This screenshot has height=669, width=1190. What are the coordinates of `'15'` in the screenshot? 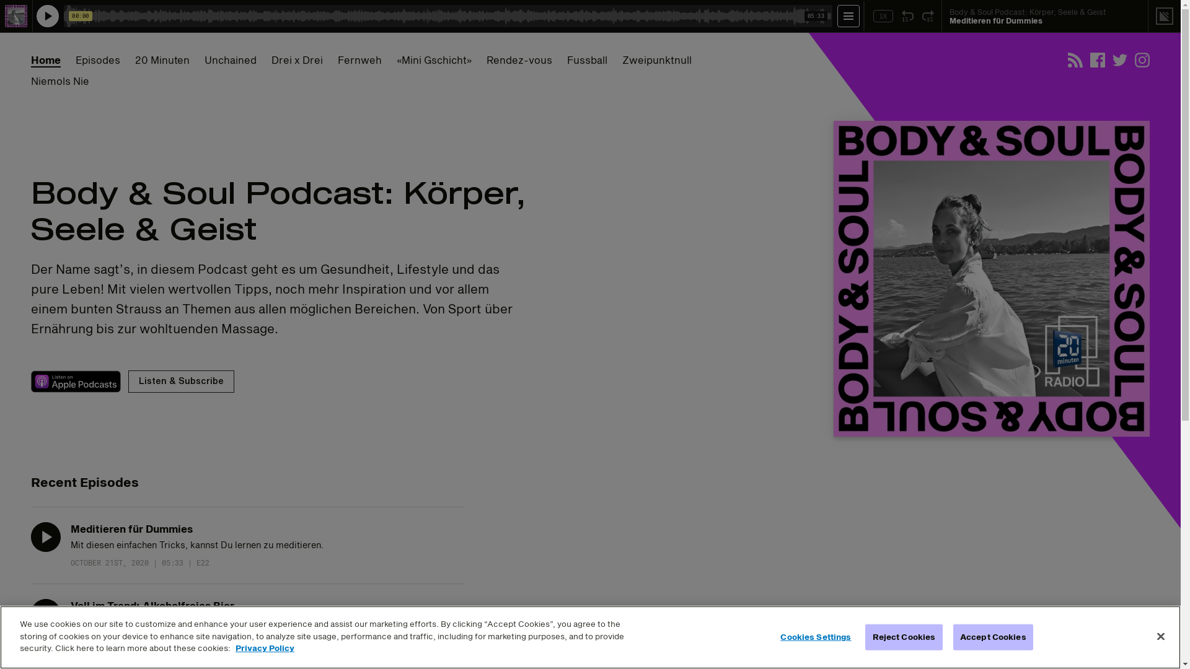 It's located at (907, 16).